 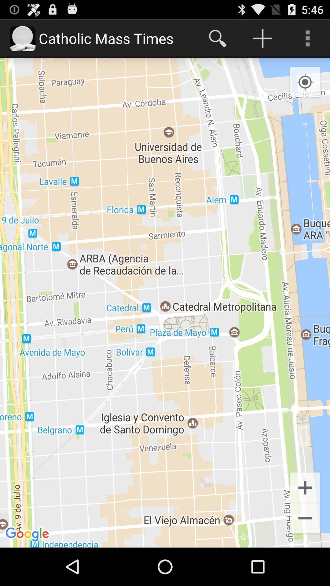 I want to click on the location_crosshair icon, so click(x=305, y=88).